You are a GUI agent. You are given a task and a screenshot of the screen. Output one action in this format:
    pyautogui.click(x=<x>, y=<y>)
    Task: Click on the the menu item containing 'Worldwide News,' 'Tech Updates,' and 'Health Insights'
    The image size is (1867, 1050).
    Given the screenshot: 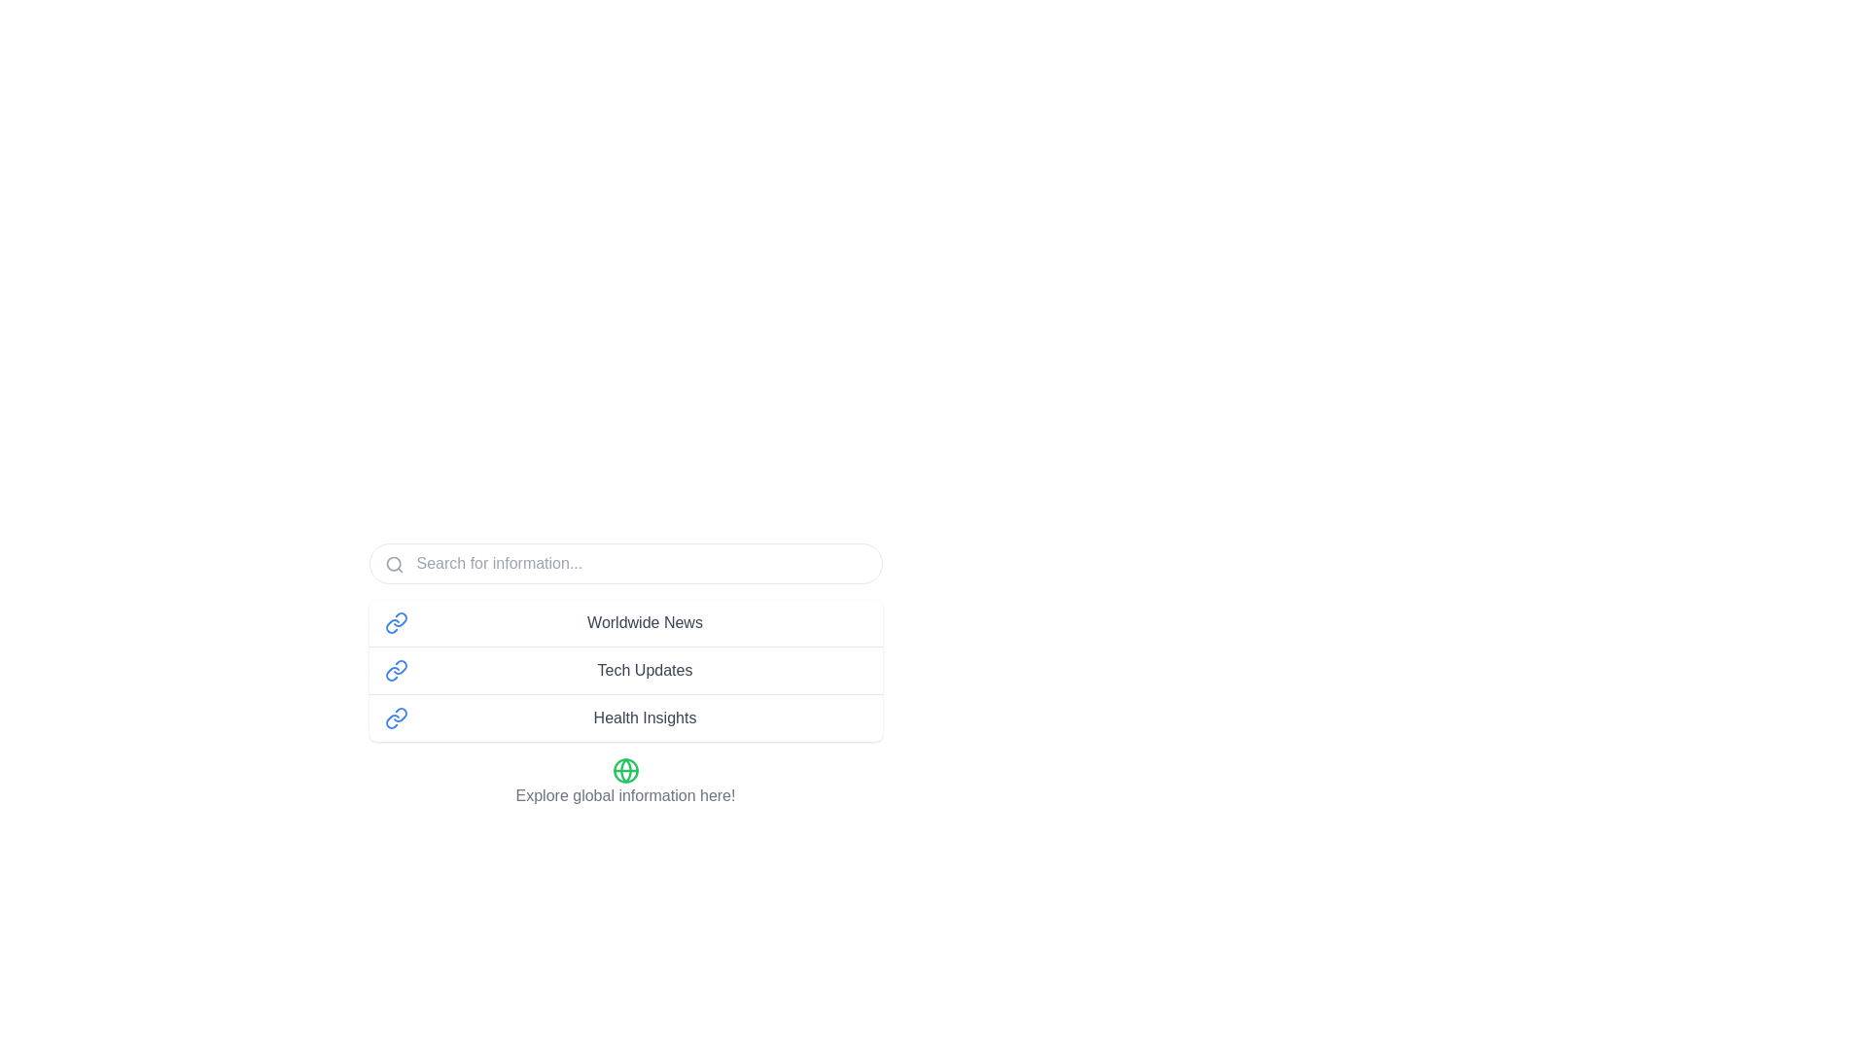 What is the action you would take?
    pyautogui.click(x=625, y=684)
    